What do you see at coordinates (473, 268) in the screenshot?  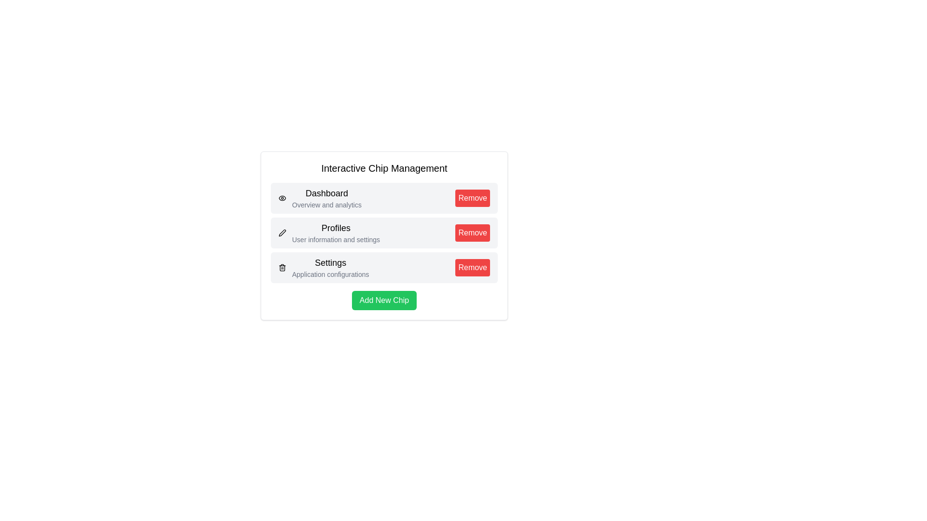 I see `'Remove' button for the chip with title Settings` at bounding box center [473, 268].